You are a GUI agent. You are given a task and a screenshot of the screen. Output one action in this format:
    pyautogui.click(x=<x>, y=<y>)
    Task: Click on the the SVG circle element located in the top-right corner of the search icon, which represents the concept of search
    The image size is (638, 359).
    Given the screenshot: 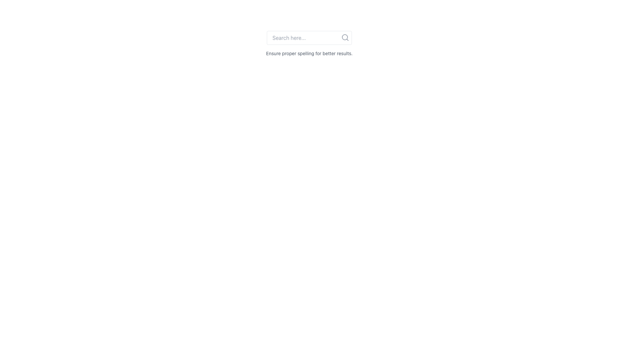 What is the action you would take?
    pyautogui.click(x=345, y=37)
    